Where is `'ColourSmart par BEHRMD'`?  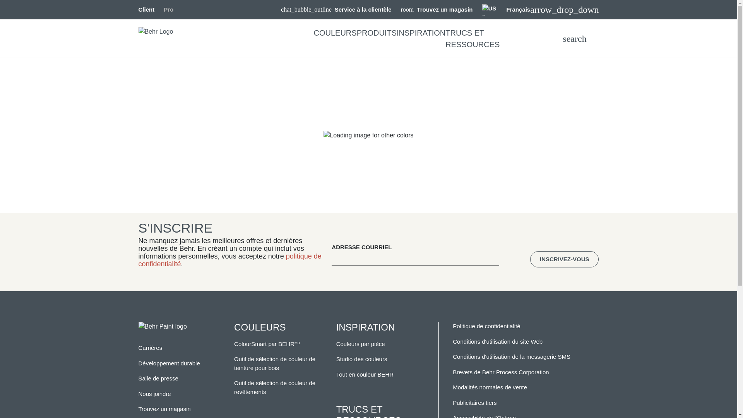 'ColourSmart par BEHRMD' is located at coordinates (267, 343).